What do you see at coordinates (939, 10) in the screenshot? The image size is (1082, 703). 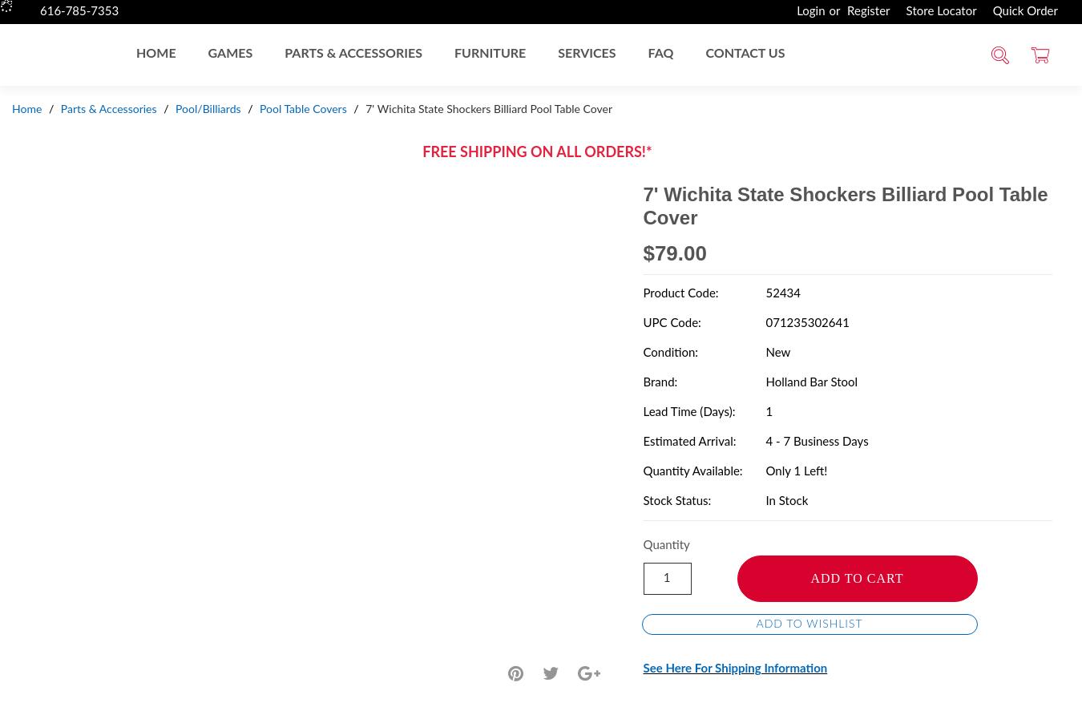 I see `'Store Locator'` at bounding box center [939, 10].